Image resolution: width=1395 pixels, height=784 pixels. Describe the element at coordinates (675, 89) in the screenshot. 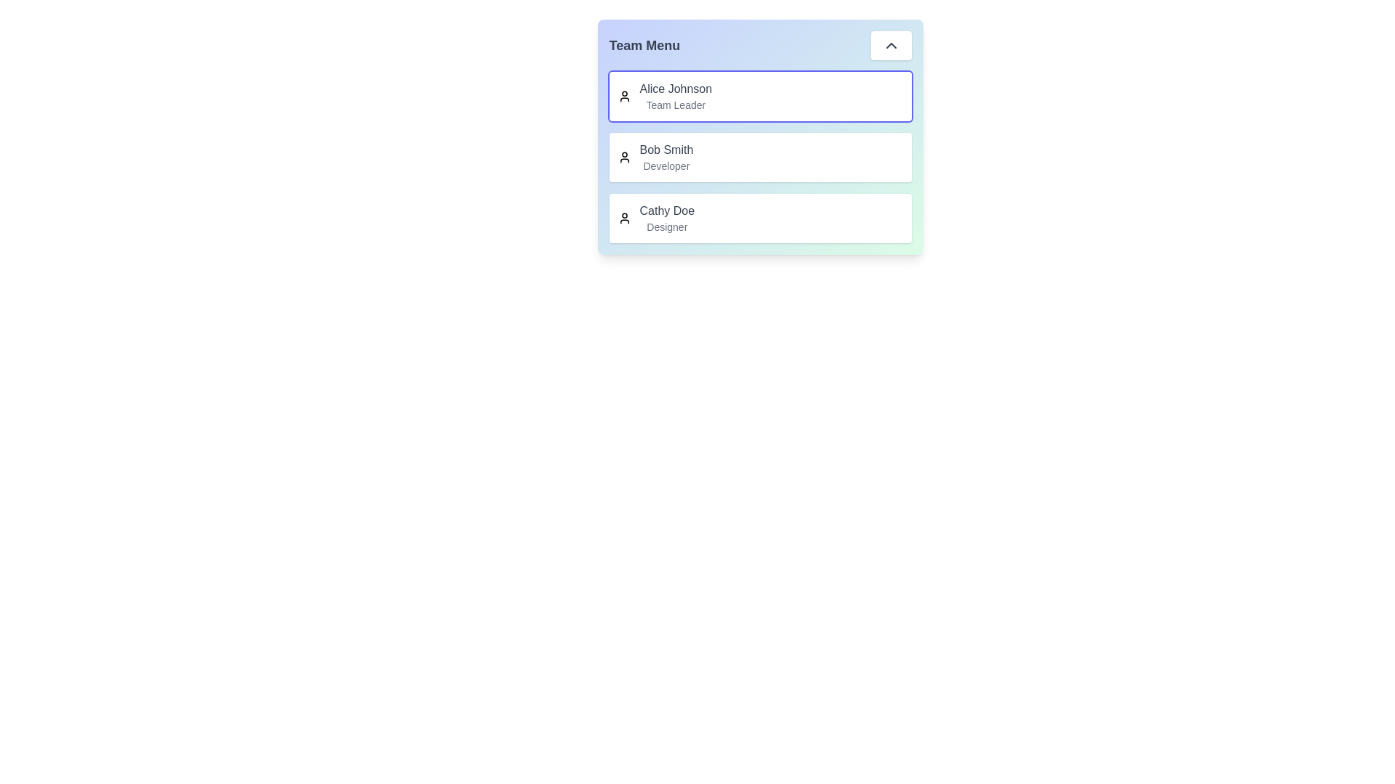

I see `the team member Alice Johnson to view their role` at that location.